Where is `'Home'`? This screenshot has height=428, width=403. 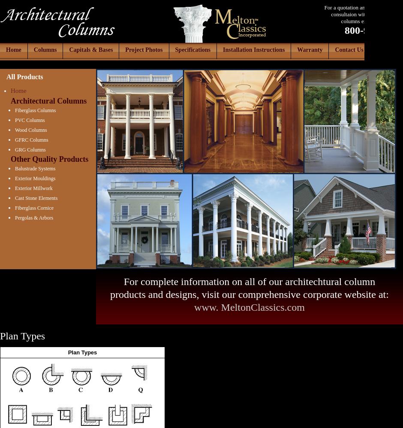
'Home' is located at coordinates (18, 90).